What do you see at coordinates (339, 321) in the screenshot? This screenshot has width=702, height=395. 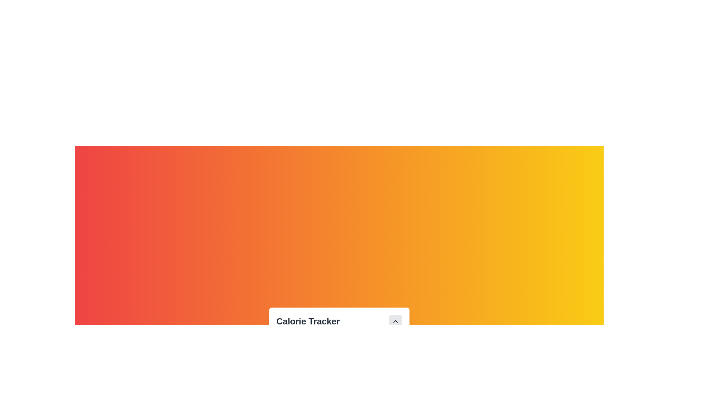 I see `'Calorie Tracker' text label located on the left side of the horizontal bar that includes a chevron button on the right` at bounding box center [339, 321].